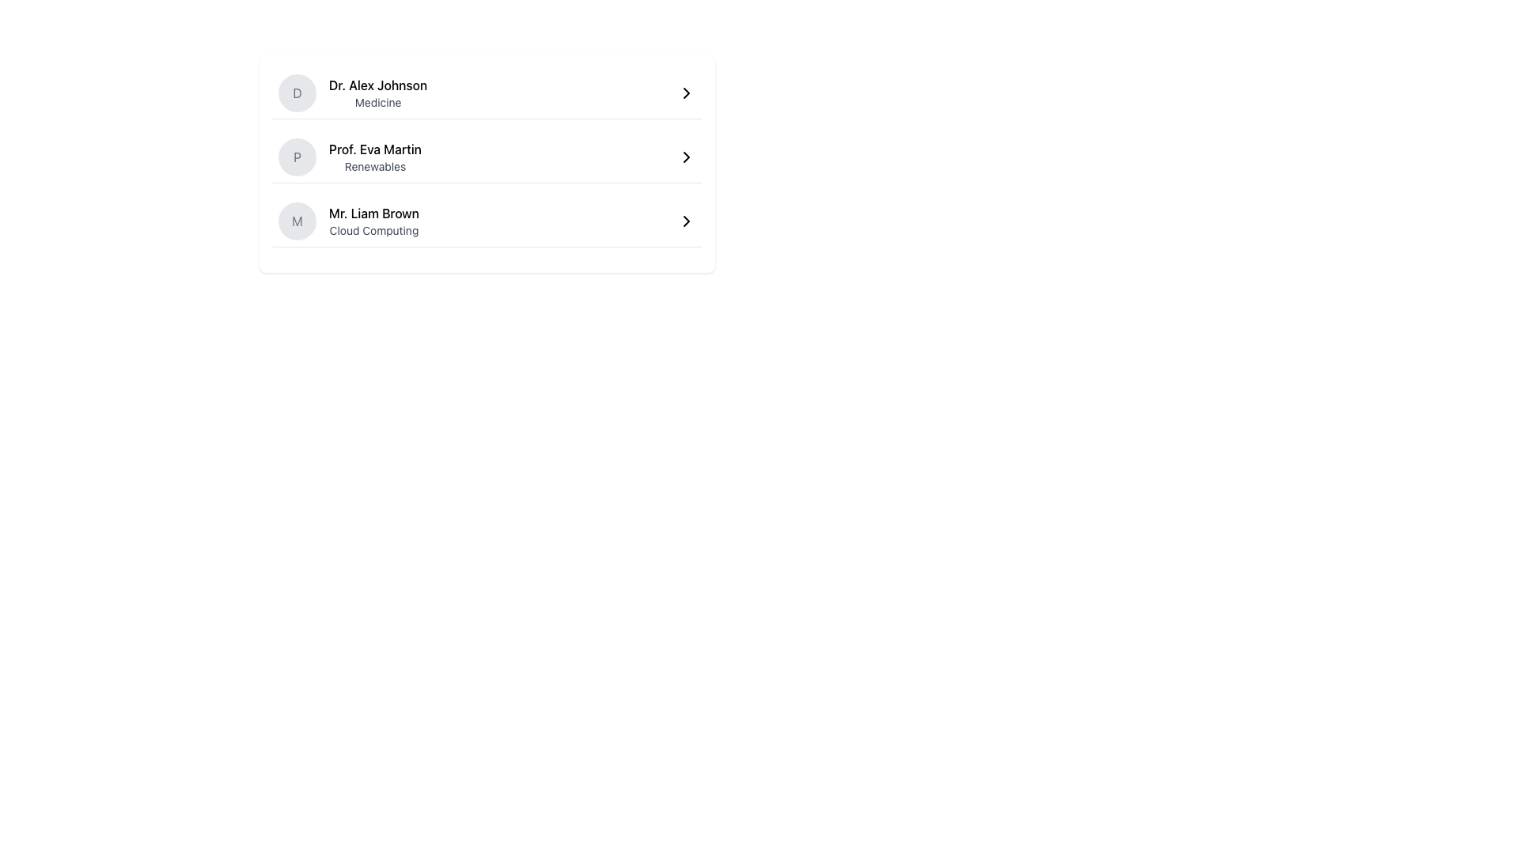  I want to click on name and field information displayed in the text element located between 'Dr. Alex Johnson' and 'Mr. Liam Brown', immediately to the right of the circular icon marked with 'P', so click(374, 157).